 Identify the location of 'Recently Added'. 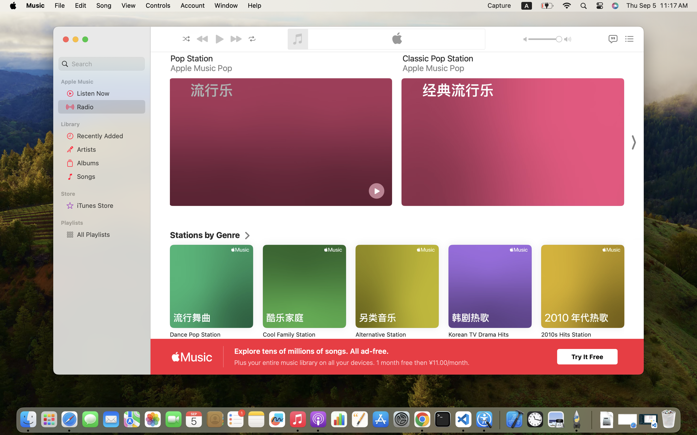
(109, 135).